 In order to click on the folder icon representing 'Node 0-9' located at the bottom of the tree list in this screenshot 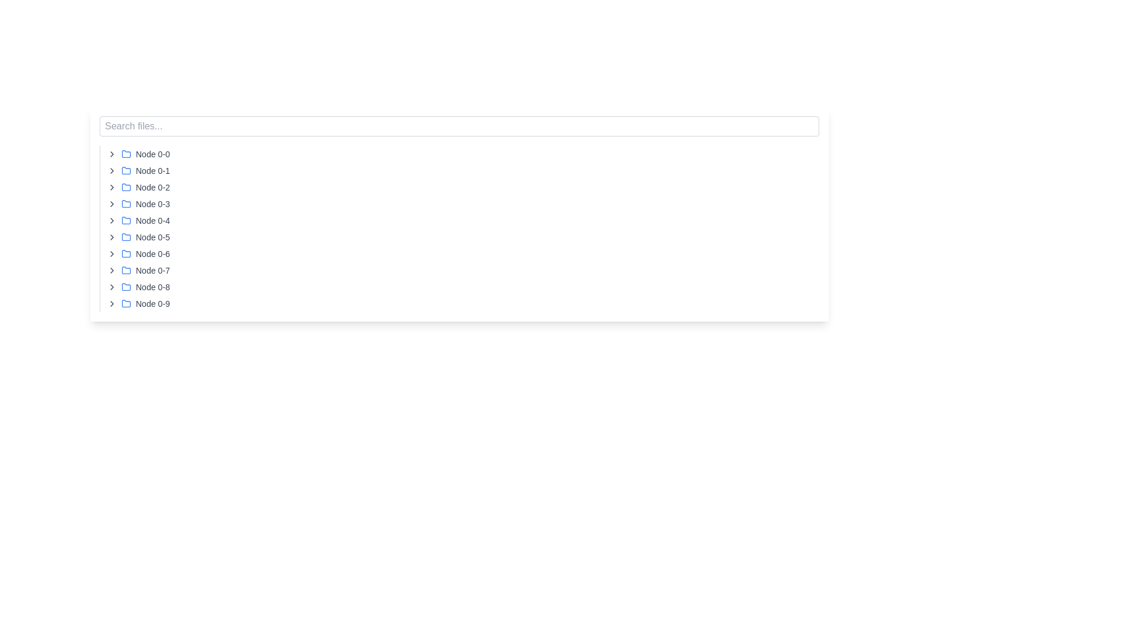, I will do `click(126, 302)`.